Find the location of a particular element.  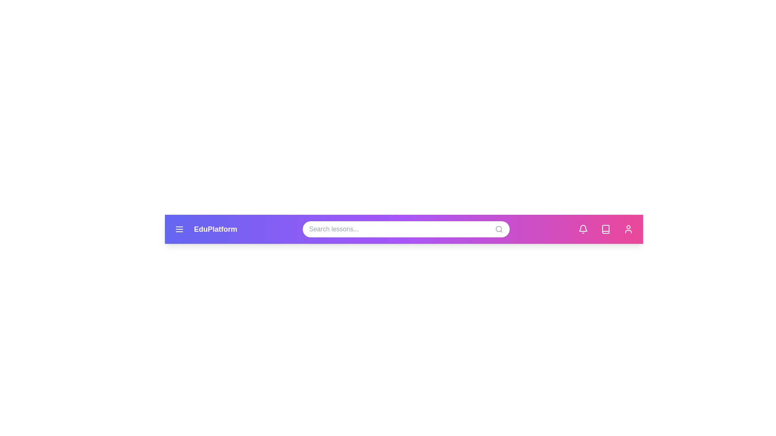

the search icon to submit the search query is located at coordinates (498, 229).